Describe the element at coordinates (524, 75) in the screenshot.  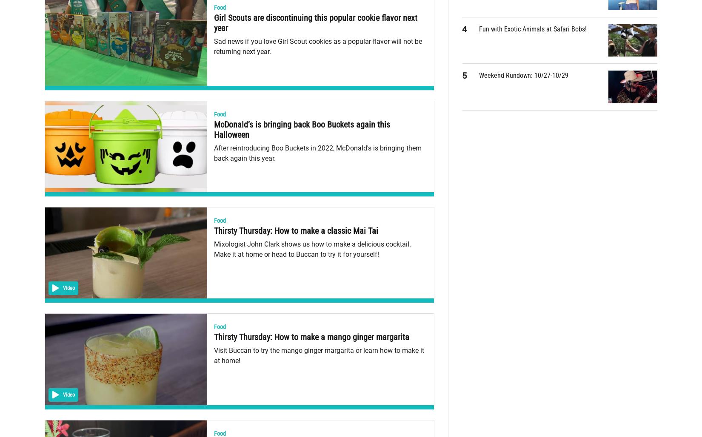
I see `'Weekend Rundown: 10/27-10/29'` at that location.